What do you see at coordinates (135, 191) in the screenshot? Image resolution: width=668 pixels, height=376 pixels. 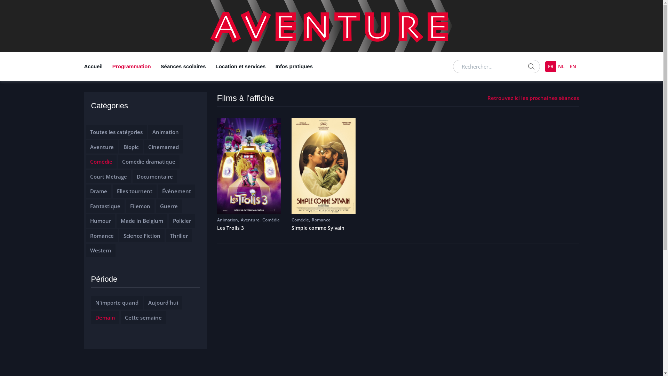 I see `'Elles tournent'` at bounding box center [135, 191].